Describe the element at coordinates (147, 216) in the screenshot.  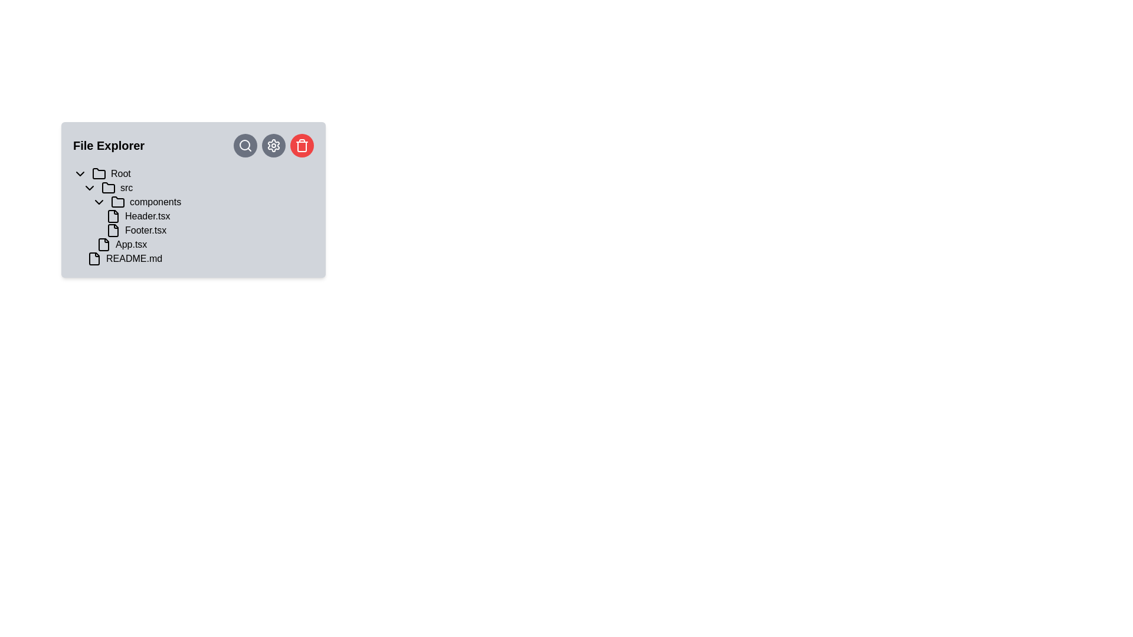
I see `the text component displaying 'Header.tsx' within the file explorer's file tree under the 'components' folder` at that location.